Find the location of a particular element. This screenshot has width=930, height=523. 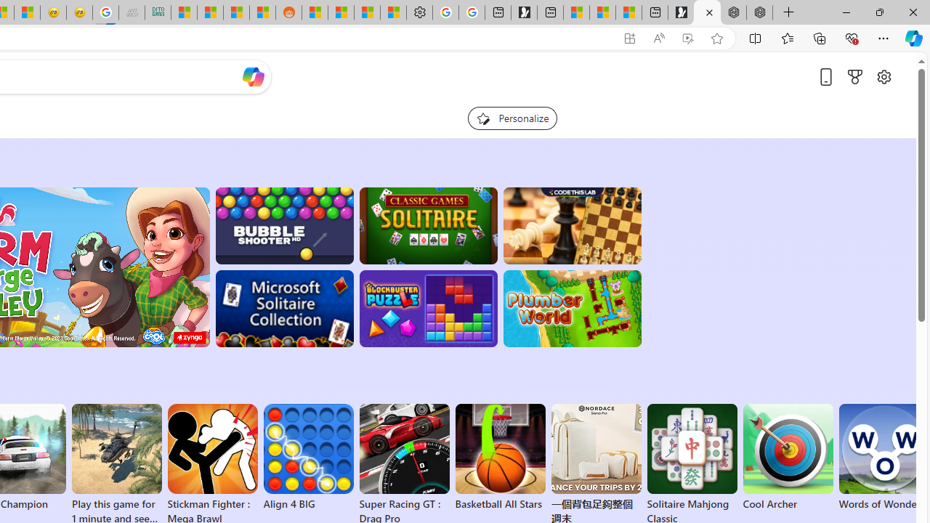

'Plumber World' is located at coordinates (571, 308).